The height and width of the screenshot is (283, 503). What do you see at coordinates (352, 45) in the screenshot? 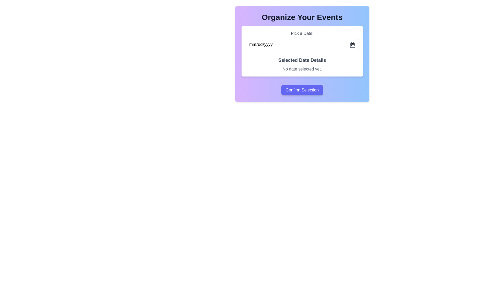
I see `the calendar icon, which is a small rectangle with rounded edges located near the top right corner of the date input field` at bounding box center [352, 45].